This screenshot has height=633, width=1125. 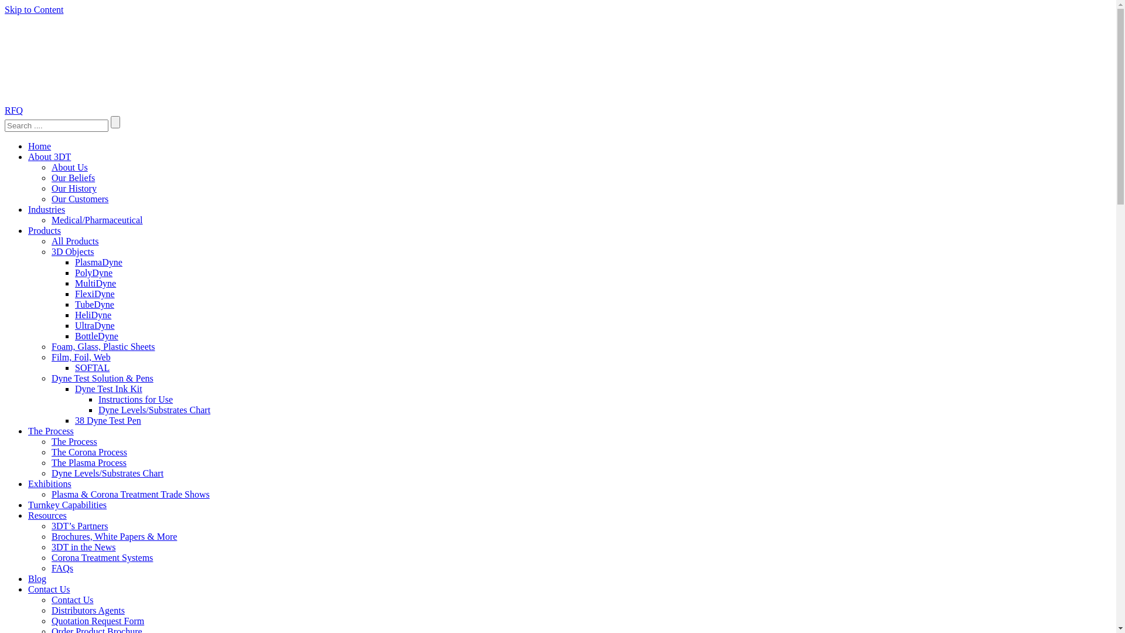 What do you see at coordinates (130, 494) in the screenshot?
I see `'Plasma & Corona Treatment Trade Shows'` at bounding box center [130, 494].